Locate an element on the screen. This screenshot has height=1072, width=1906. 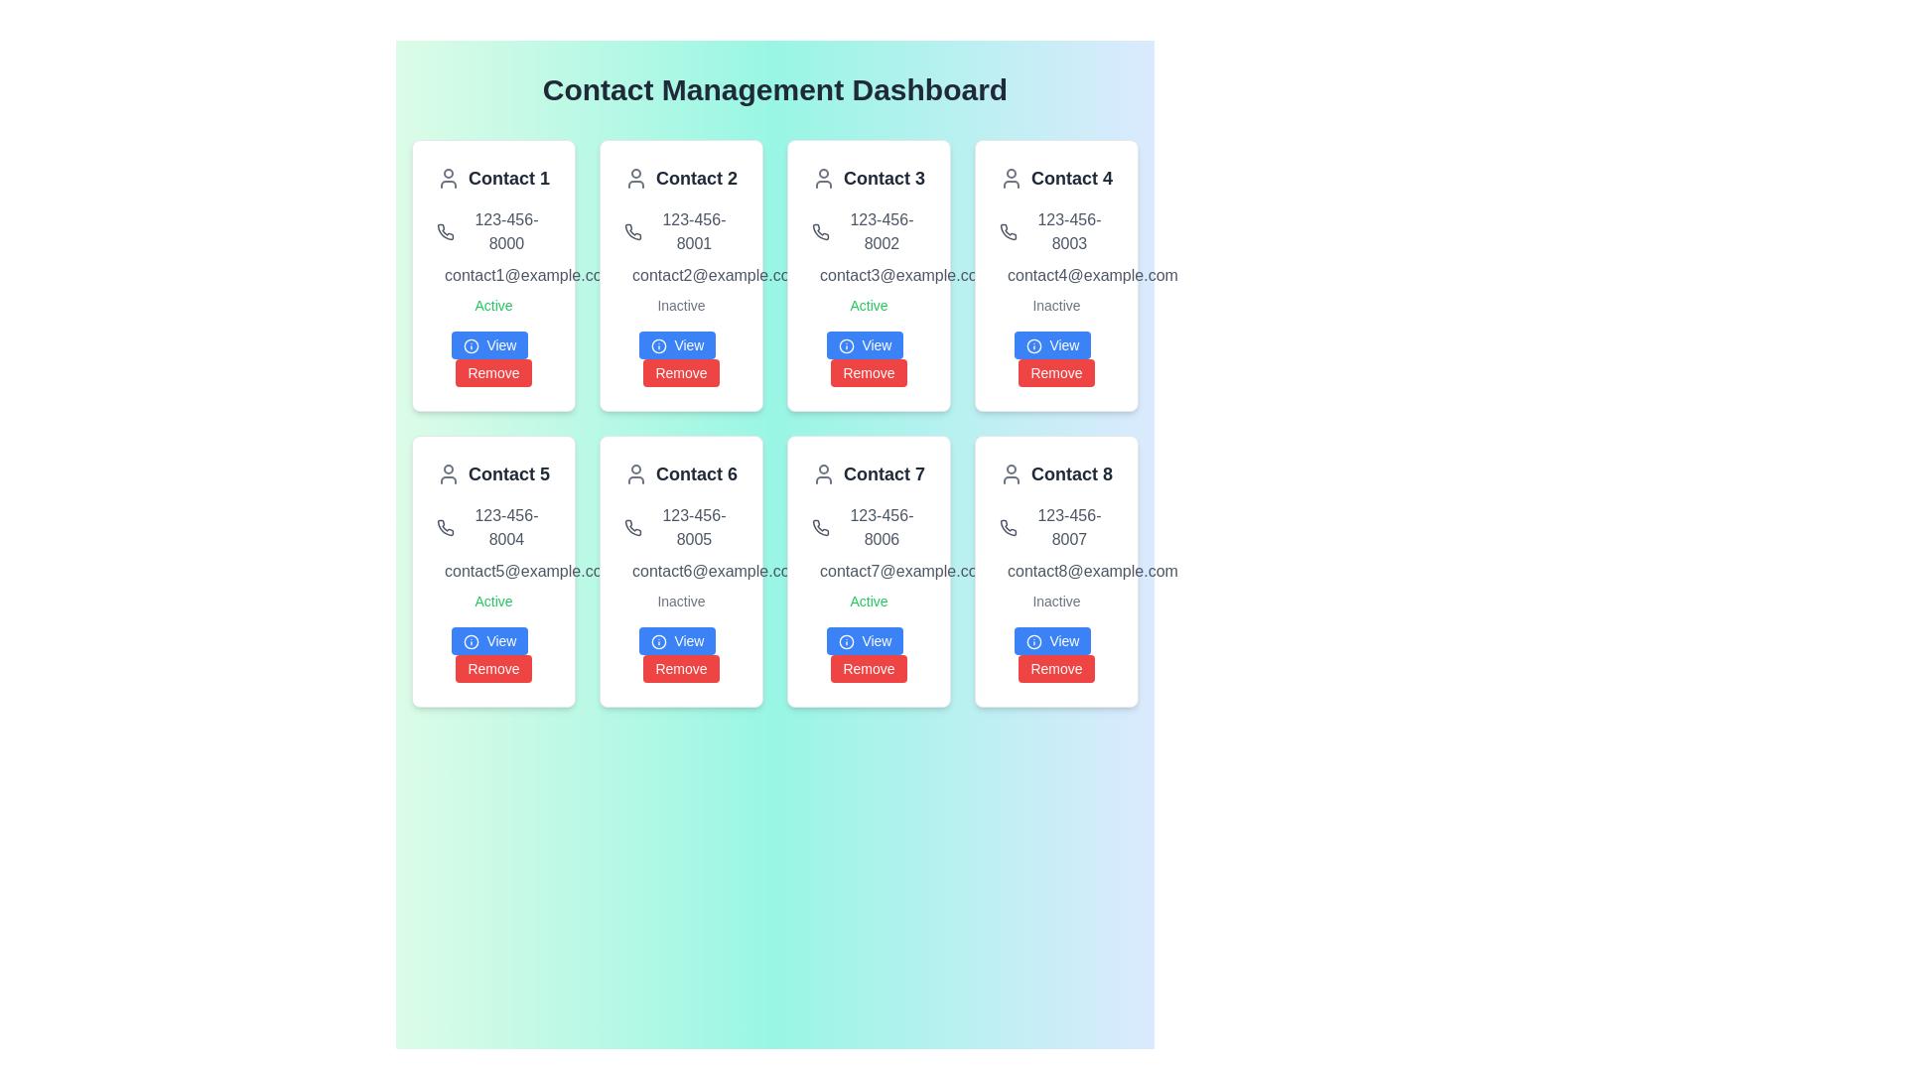
the icon indicating additional information related to the 'View' button functionality on the 'Contact 5' card in the bottom-left section of the Contact Management Dashboard is located at coordinates (470, 642).